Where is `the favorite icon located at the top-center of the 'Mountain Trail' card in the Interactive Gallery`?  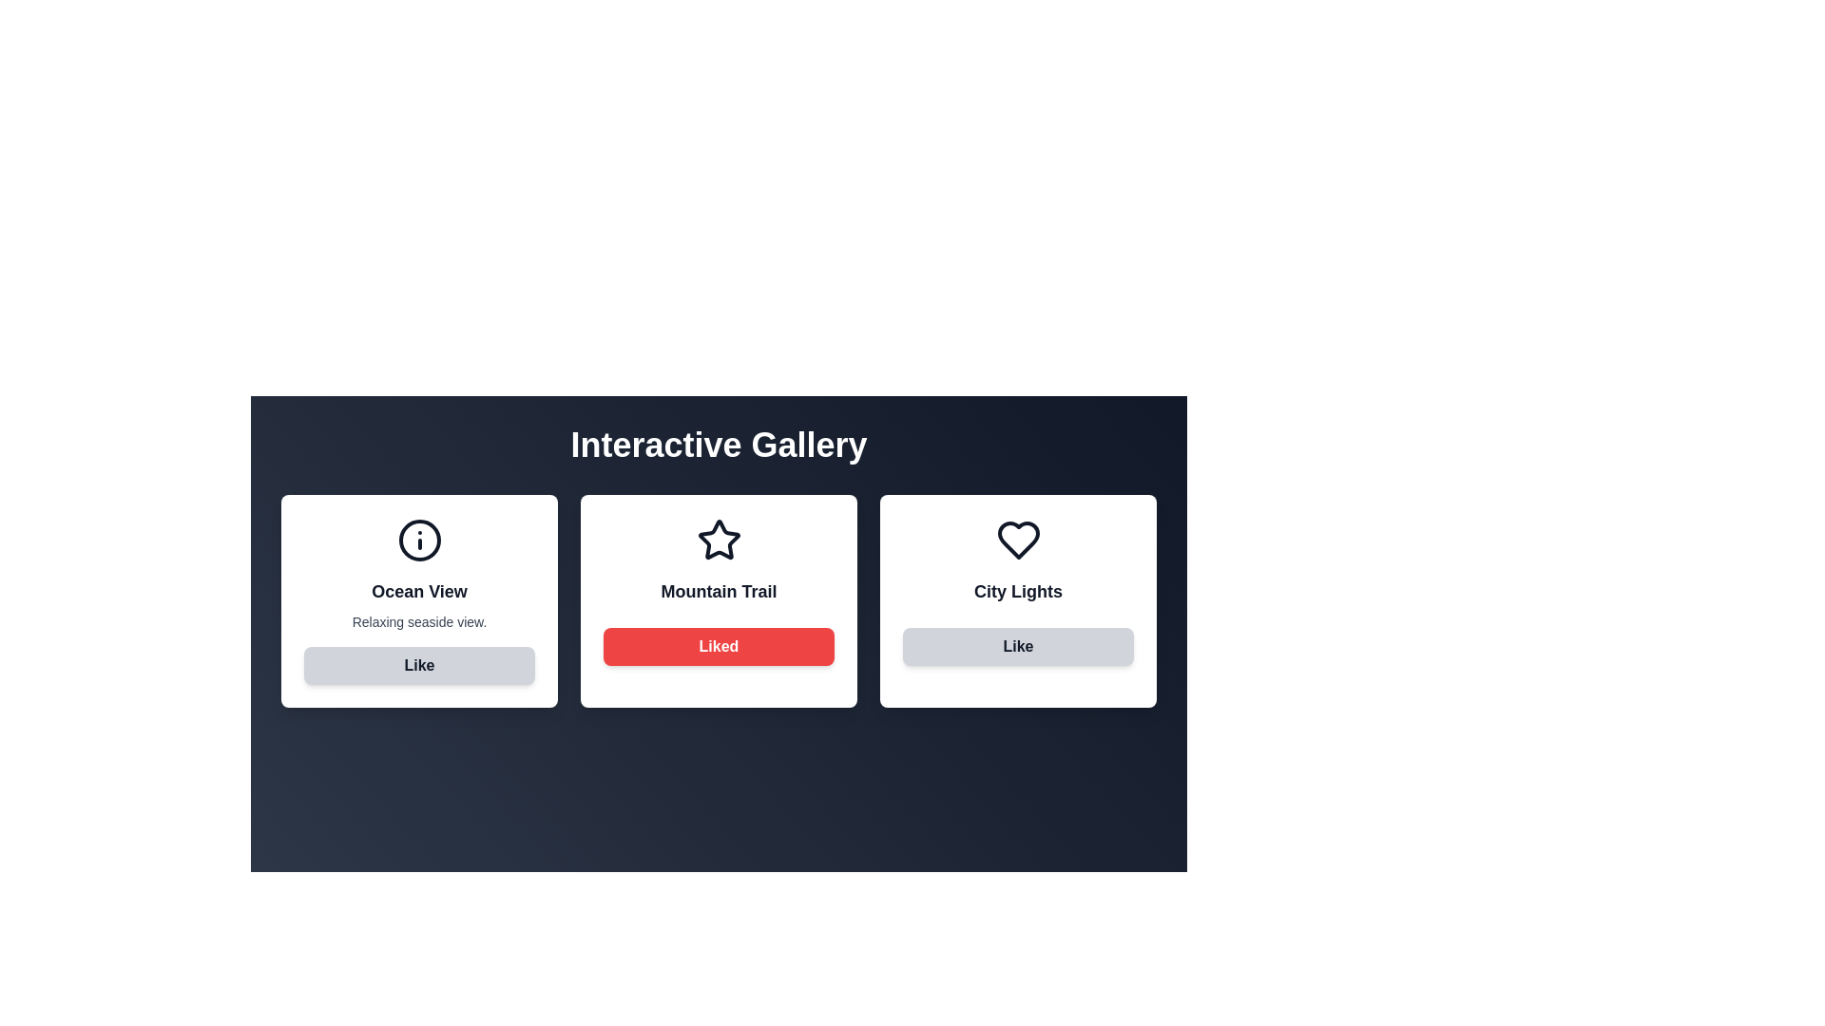
the favorite icon located at the top-center of the 'Mountain Trail' card in the Interactive Gallery is located at coordinates (718, 540).